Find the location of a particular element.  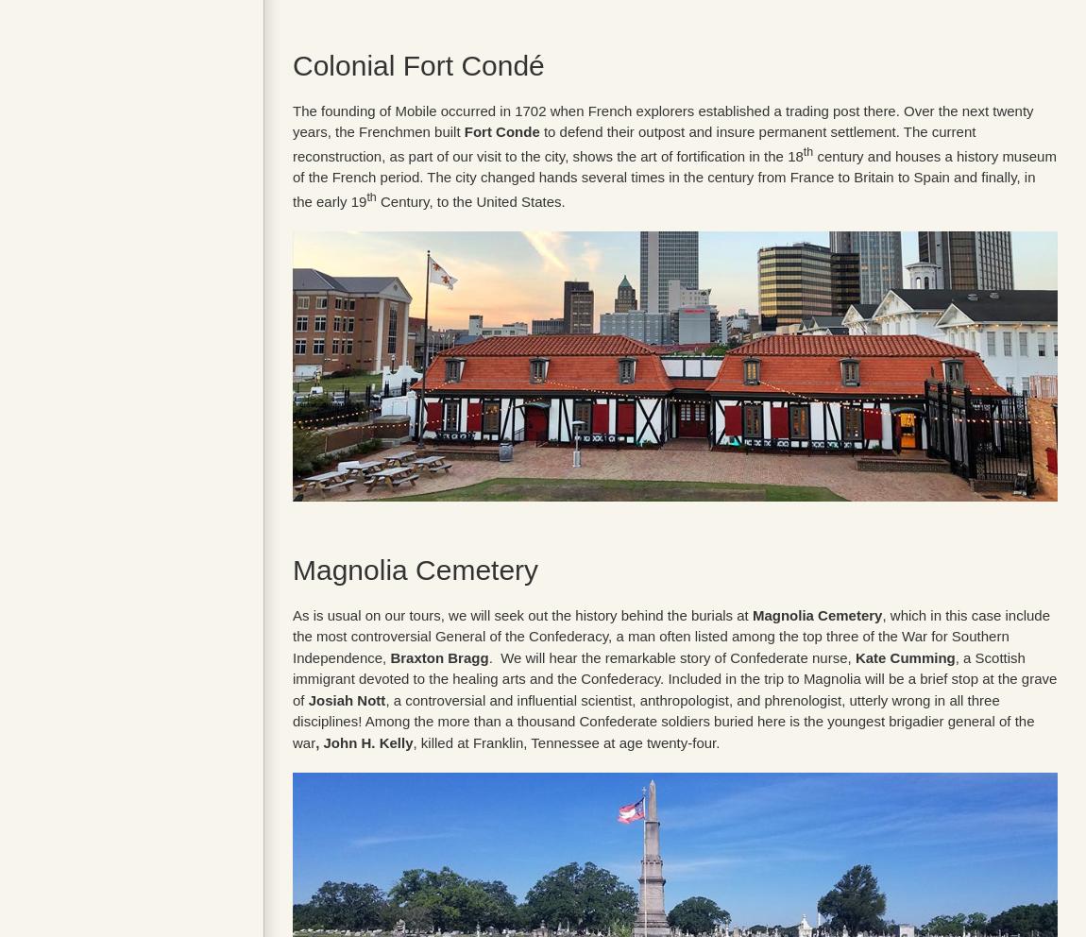

', killed at Franklin, Tennessee at age twenty-four.' is located at coordinates (565, 741).